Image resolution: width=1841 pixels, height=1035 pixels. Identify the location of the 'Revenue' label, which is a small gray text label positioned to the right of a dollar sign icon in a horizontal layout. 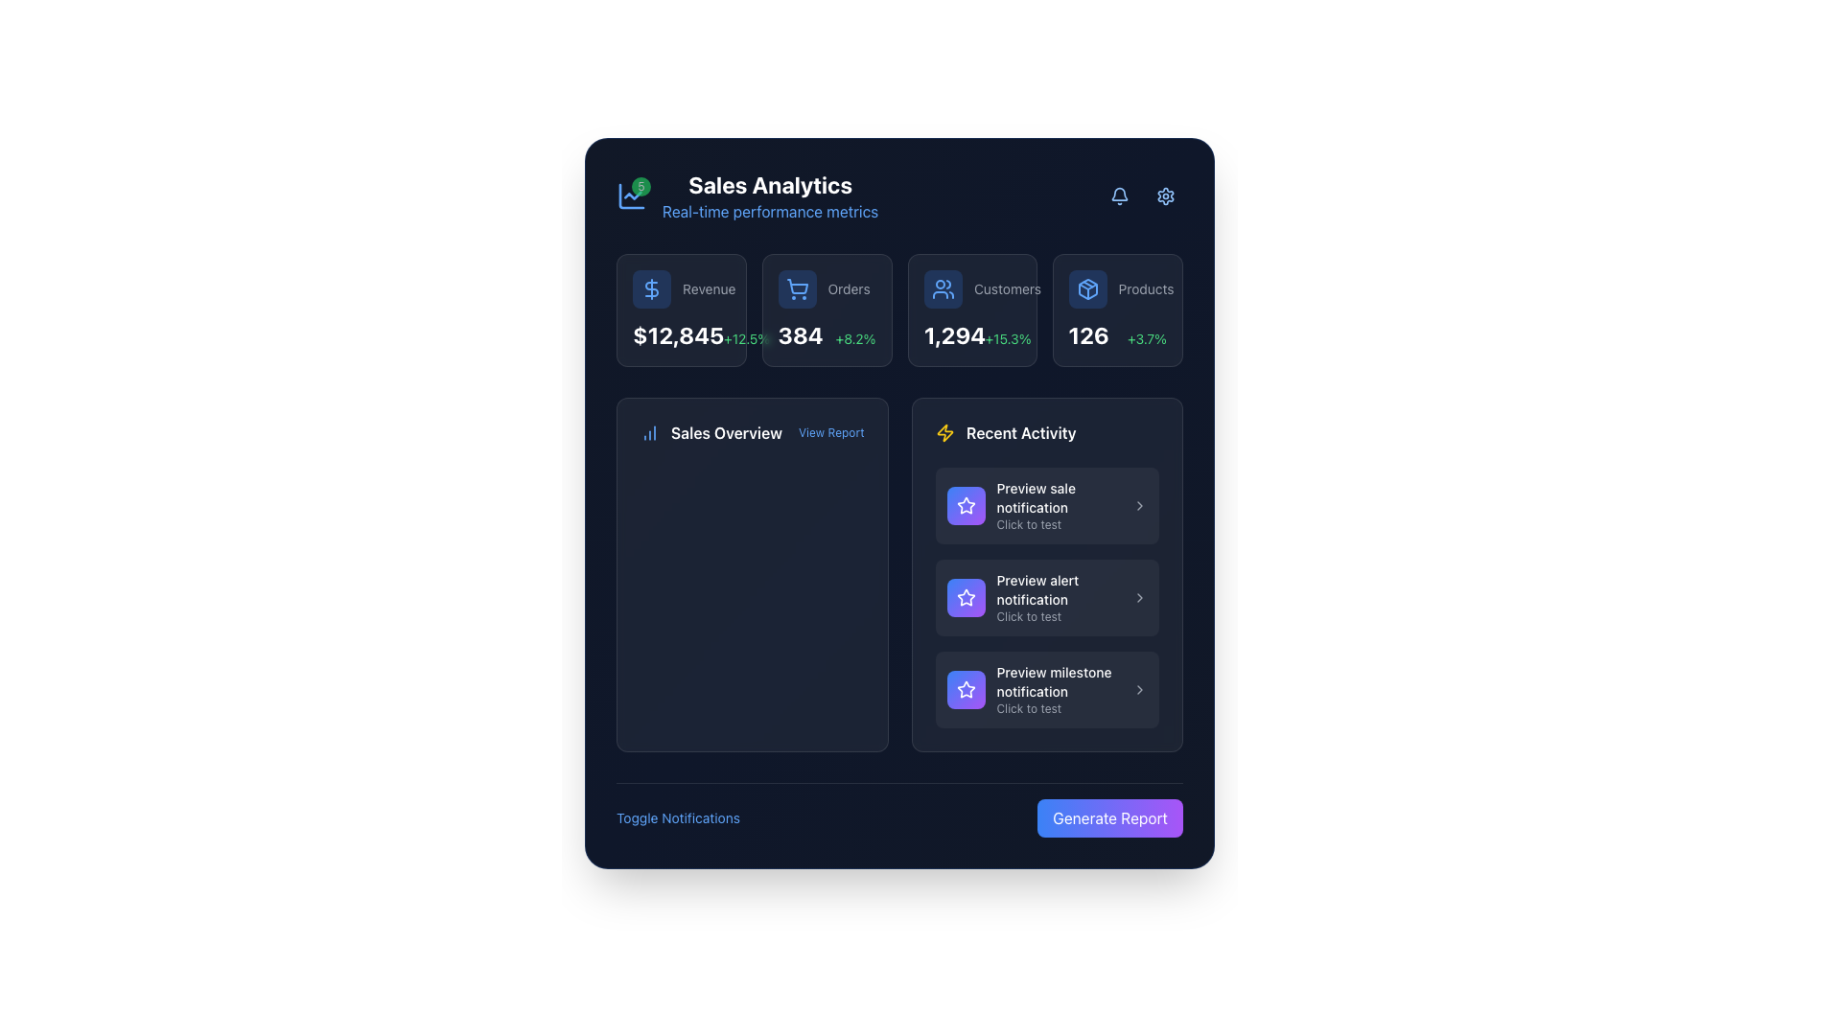
(708, 288).